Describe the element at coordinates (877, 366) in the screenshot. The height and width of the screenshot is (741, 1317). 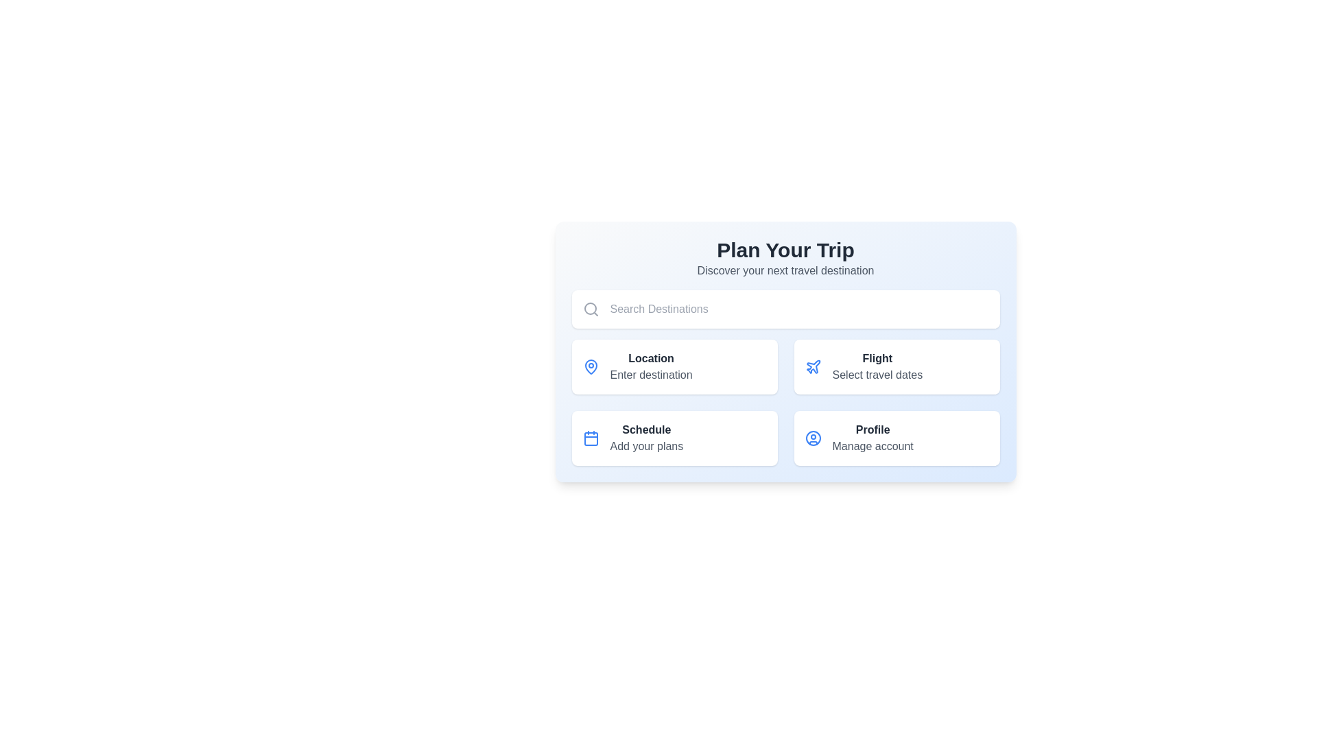
I see `the interactive travel date selection text label located within the white card in the top row, second column, to proceed to the detailed flight selection page` at that location.